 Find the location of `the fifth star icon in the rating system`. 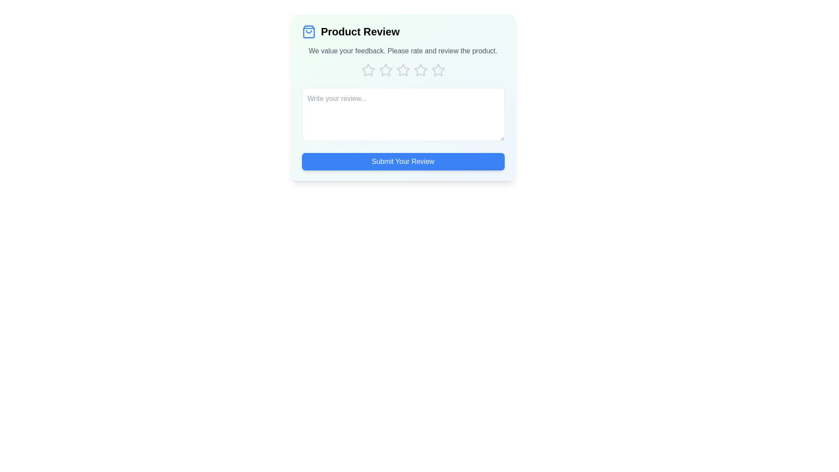

the fifth star icon in the rating system is located at coordinates (438, 69).